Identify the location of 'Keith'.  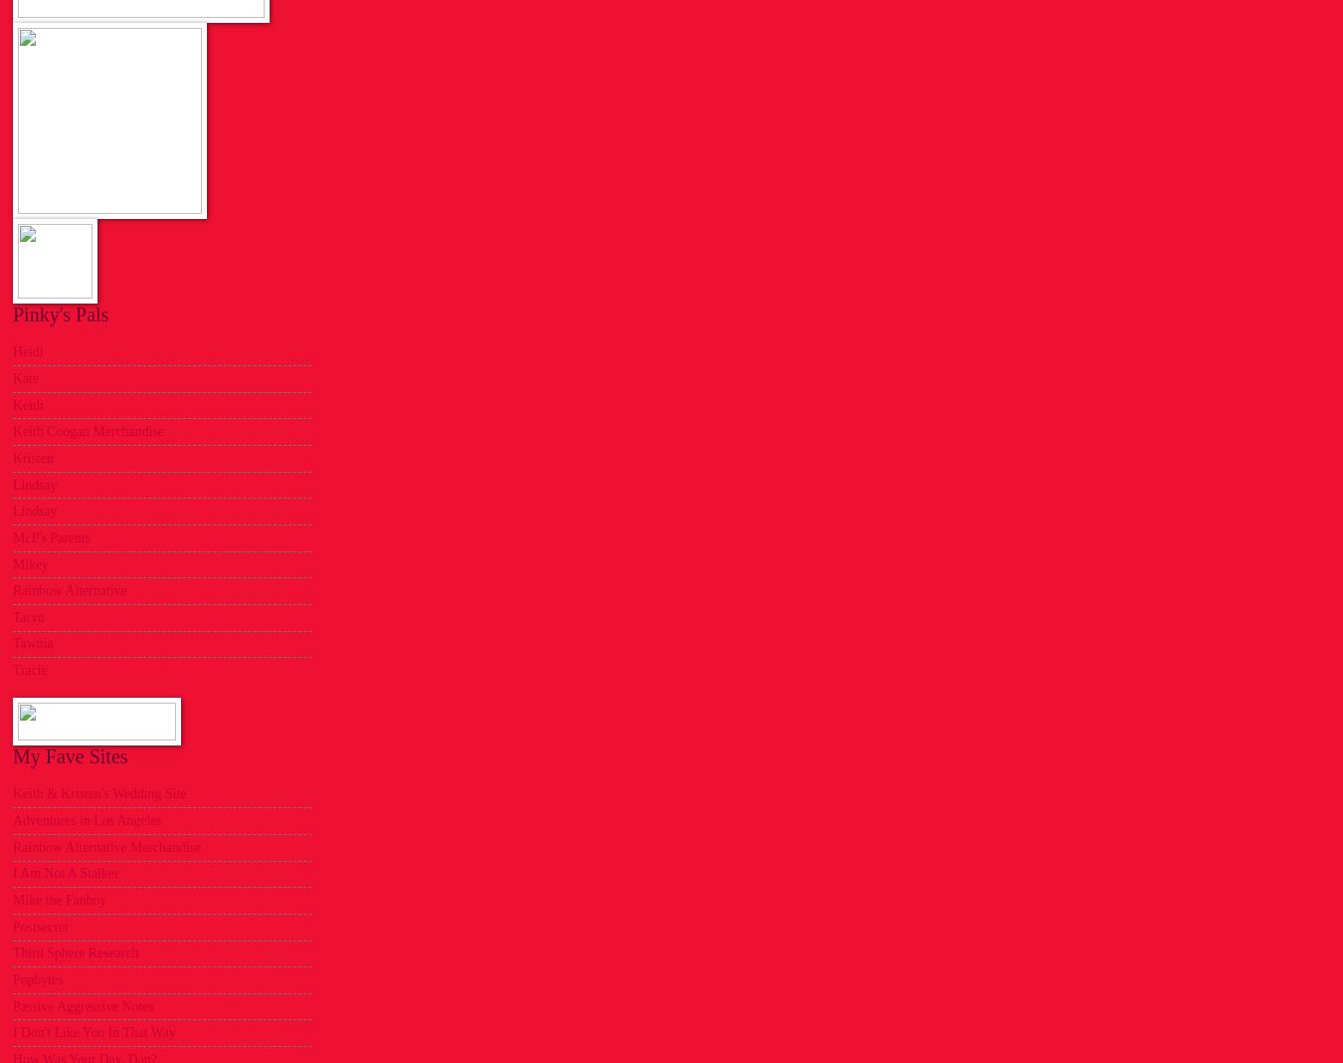
(26, 404).